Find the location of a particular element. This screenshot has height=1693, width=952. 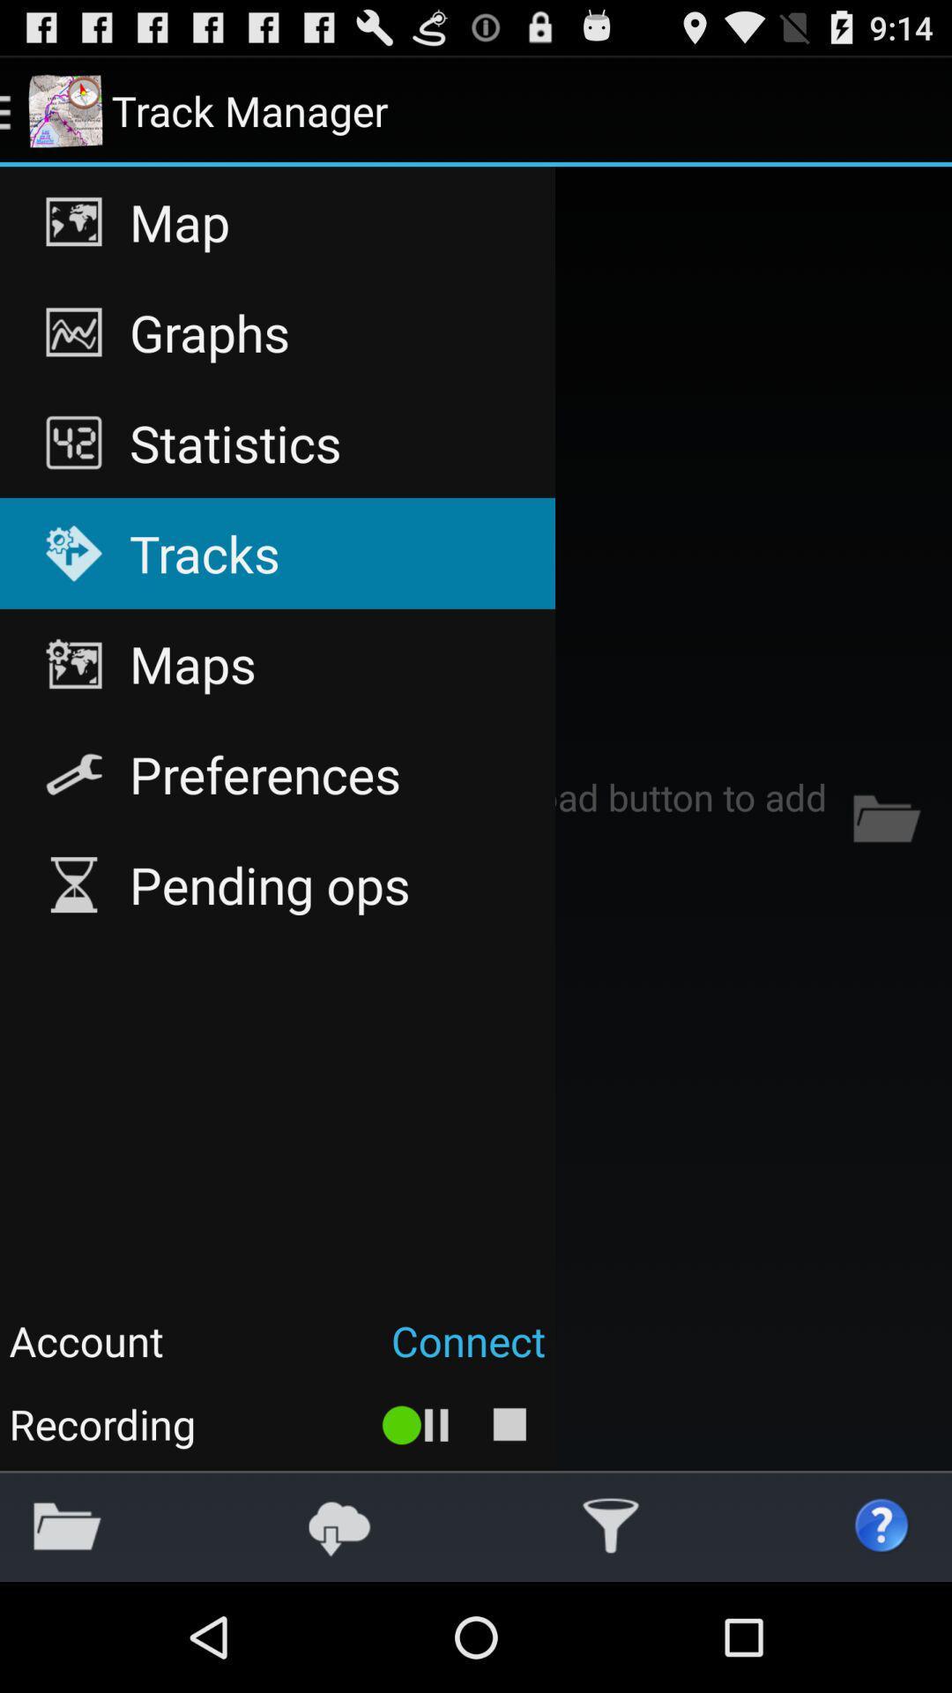

the app below no tracks loaded is located at coordinates (66, 1525).